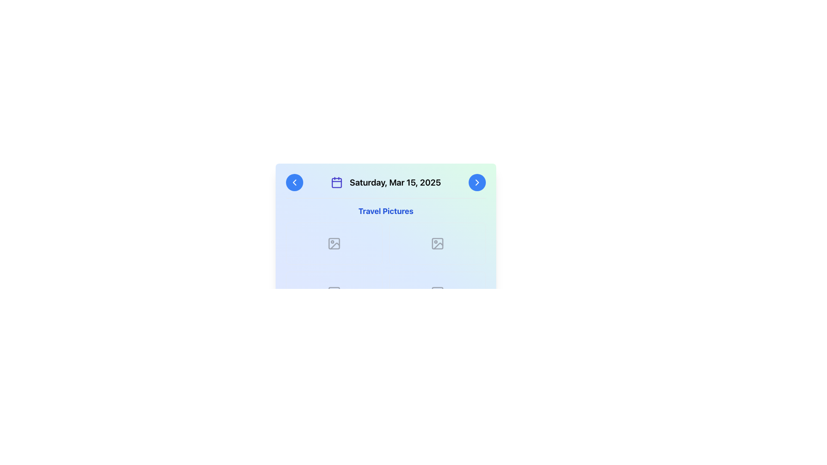 The image size is (827, 465). What do you see at coordinates (295, 182) in the screenshot?
I see `the back navigation icon located inside the circular button on the far left of the header section` at bounding box center [295, 182].